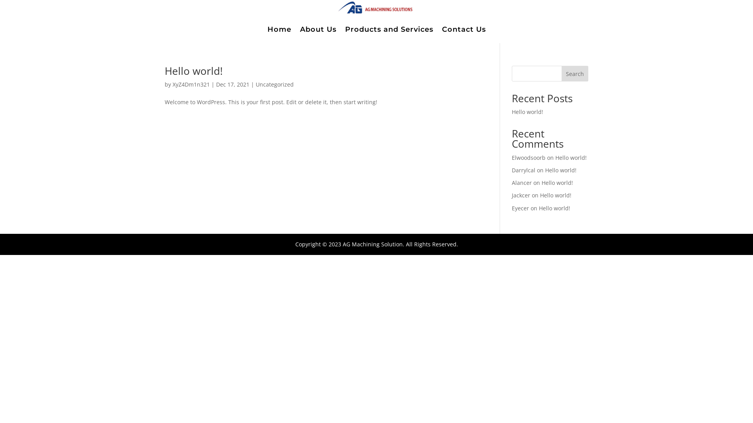  Describe the element at coordinates (275, 84) in the screenshot. I see `'Uncategorized'` at that location.